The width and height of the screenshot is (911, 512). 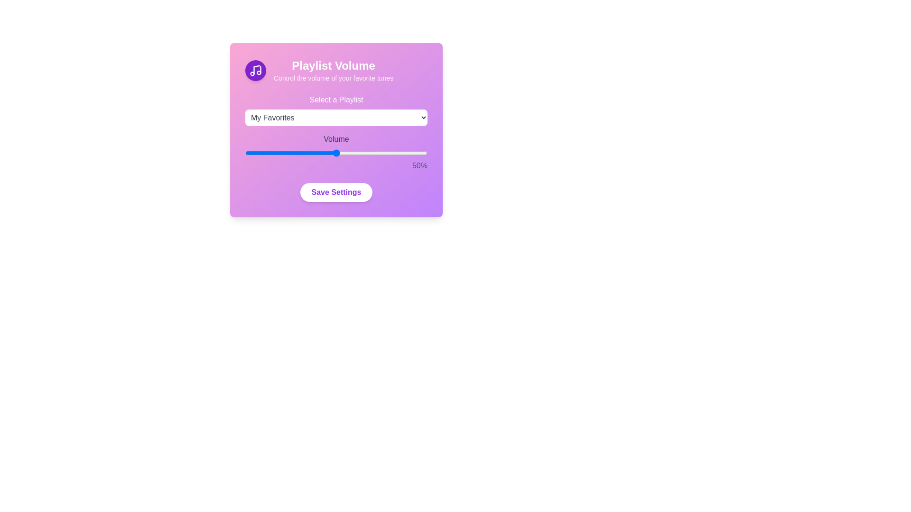 What do you see at coordinates (303, 153) in the screenshot?
I see `the volume slider to 32%` at bounding box center [303, 153].